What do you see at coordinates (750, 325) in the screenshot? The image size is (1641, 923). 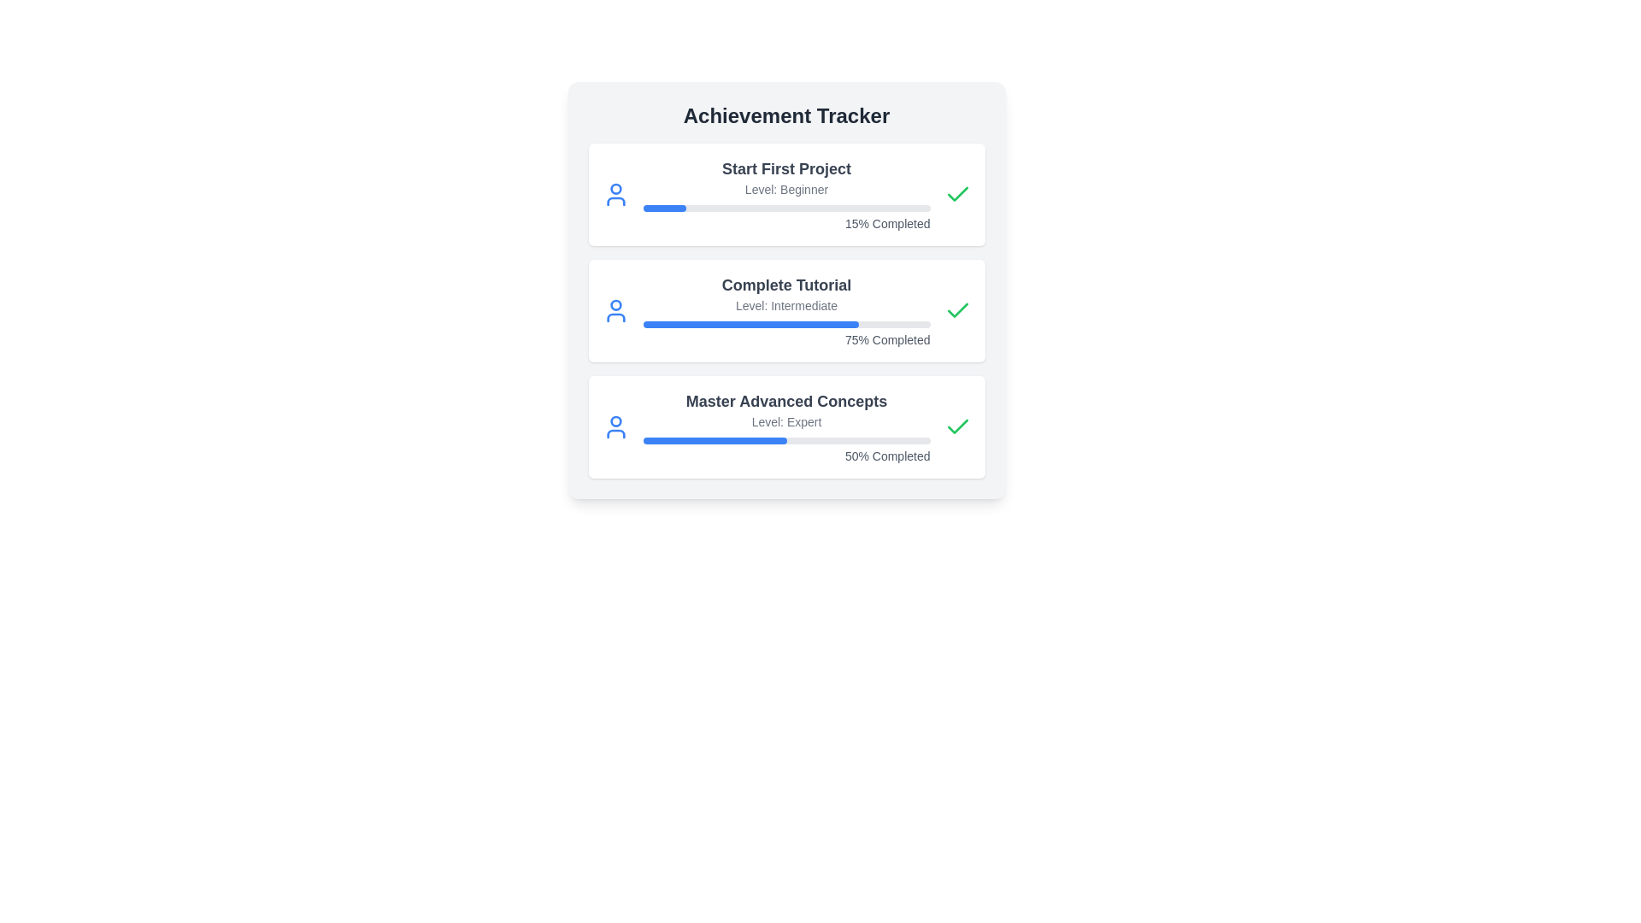 I see `the progress bar segment indicating 75% completion for the 'Complete Tutorial' task in the 'Achievement Tracker' interface` at bounding box center [750, 325].